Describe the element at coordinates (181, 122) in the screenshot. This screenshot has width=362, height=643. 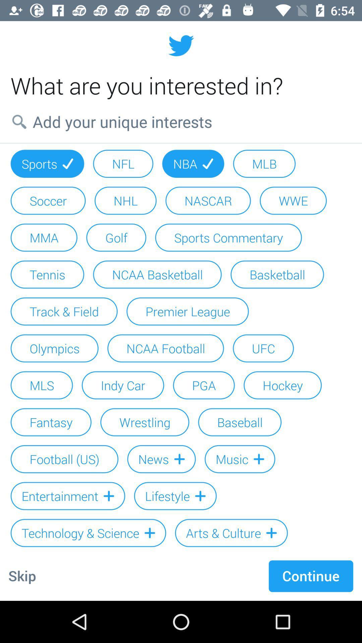
I see `search and add custom interests` at that location.